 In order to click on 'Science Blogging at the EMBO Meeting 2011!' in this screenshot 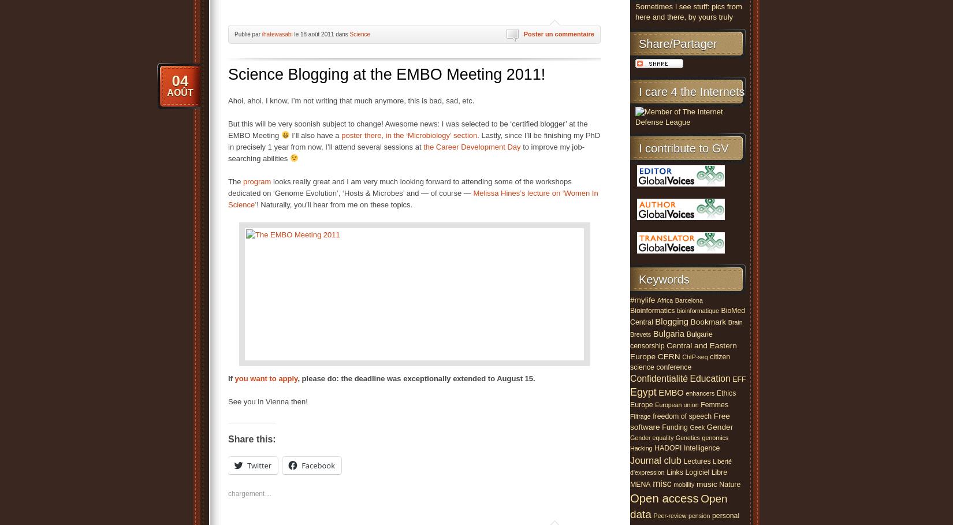, I will do `click(386, 73)`.